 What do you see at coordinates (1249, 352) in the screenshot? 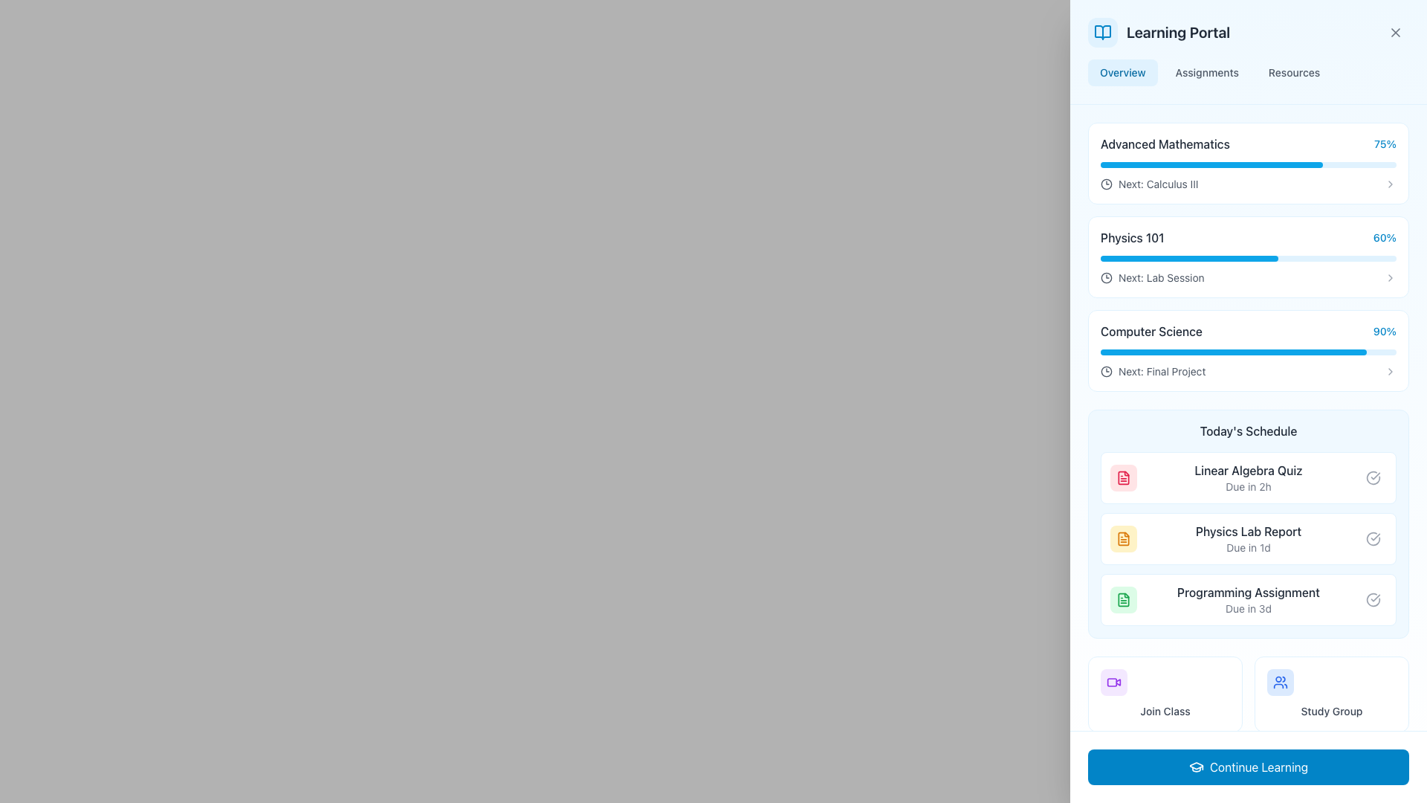
I see `the progress bar element located within the 'Computer Science' card, specifically below the text '90%' and above 'Next: Final Project.'` at bounding box center [1249, 352].